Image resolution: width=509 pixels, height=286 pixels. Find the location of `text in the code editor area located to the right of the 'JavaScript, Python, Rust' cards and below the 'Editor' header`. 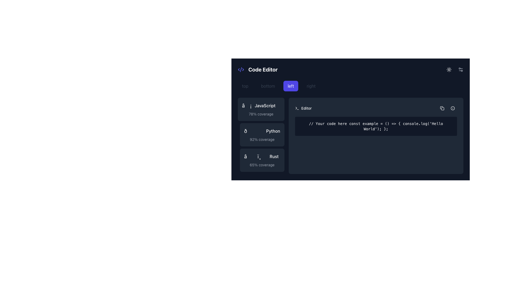

text in the code editor area located to the right of the 'JavaScript, Python, Rust' cards and below the 'Editor' header is located at coordinates (350, 136).